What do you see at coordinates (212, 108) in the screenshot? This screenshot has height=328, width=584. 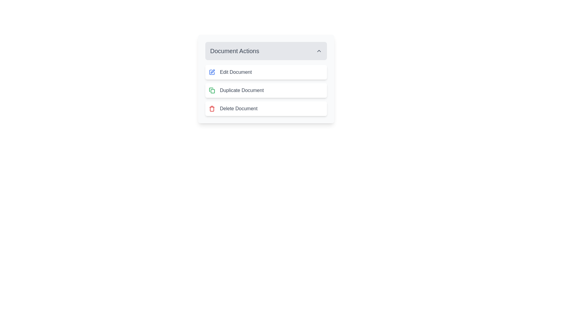 I see `the red trash bin icon located in the 'Delete Document' option within the 'Document Actions' dropdown` at bounding box center [212, 108].